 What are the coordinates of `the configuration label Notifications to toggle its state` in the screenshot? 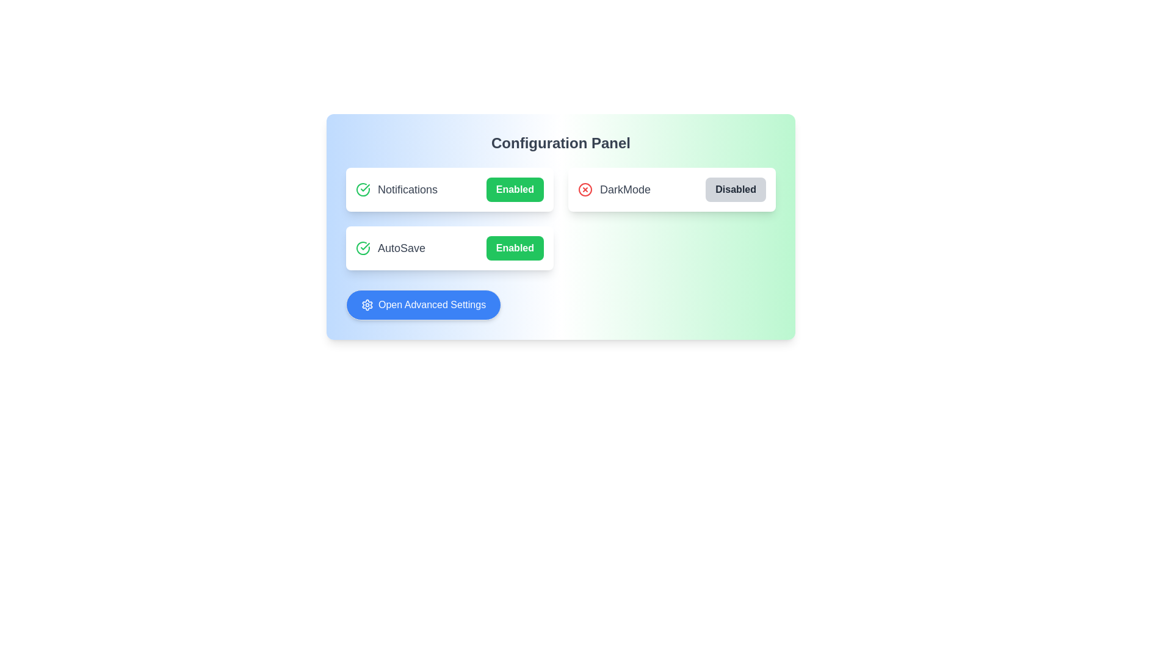 It's located at (449, 190).